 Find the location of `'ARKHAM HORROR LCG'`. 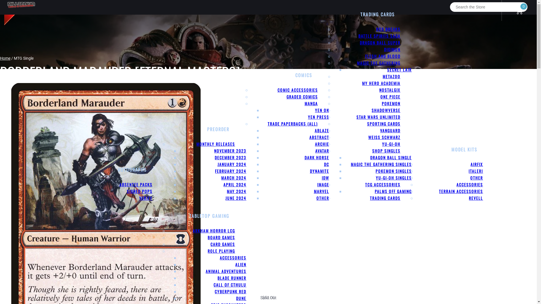

'ARKHAM HORROR LCG' is located at coordinates (213, 231).